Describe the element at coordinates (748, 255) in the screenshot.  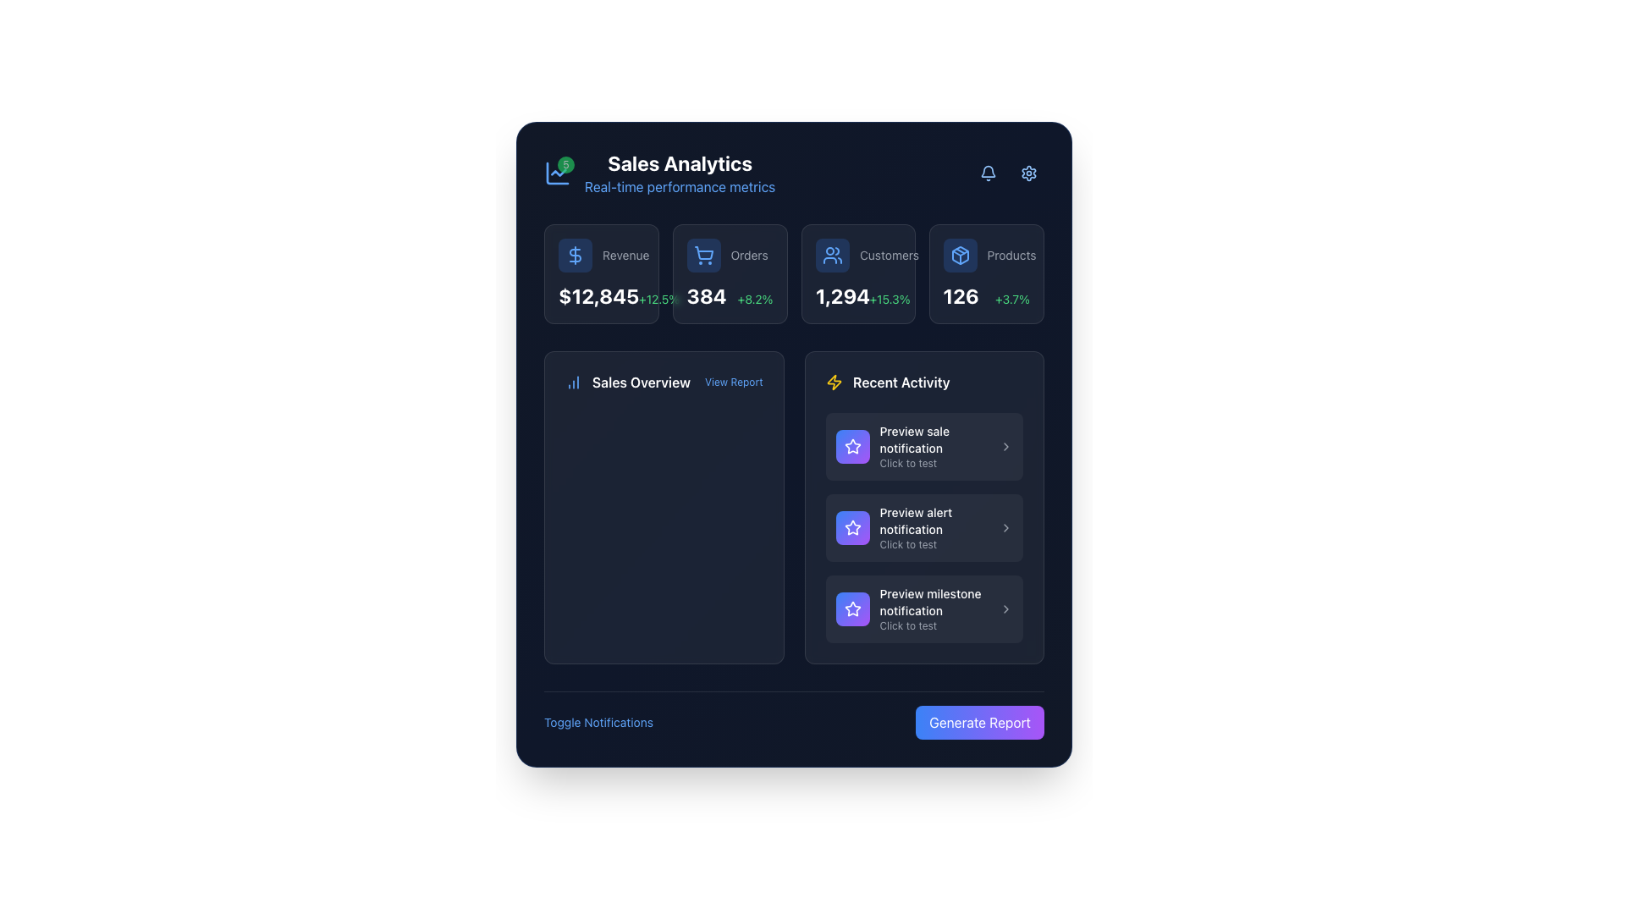
I see `the text label displaying 'Orders', which is a small, gray-colored font located to the right of a shopping cart icon in the top-center section of the interface` at that location.